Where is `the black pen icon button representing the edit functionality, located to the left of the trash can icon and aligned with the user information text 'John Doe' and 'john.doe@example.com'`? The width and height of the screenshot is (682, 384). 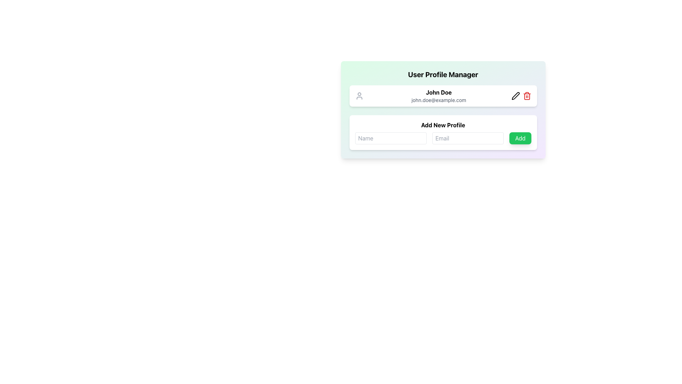
the black pen icon button representing the edit functionality, located to the left of the trash can icon and aligned with the user information text 'John Doe' and 'john.doe@example.com' is located at coordinates (515, 96).